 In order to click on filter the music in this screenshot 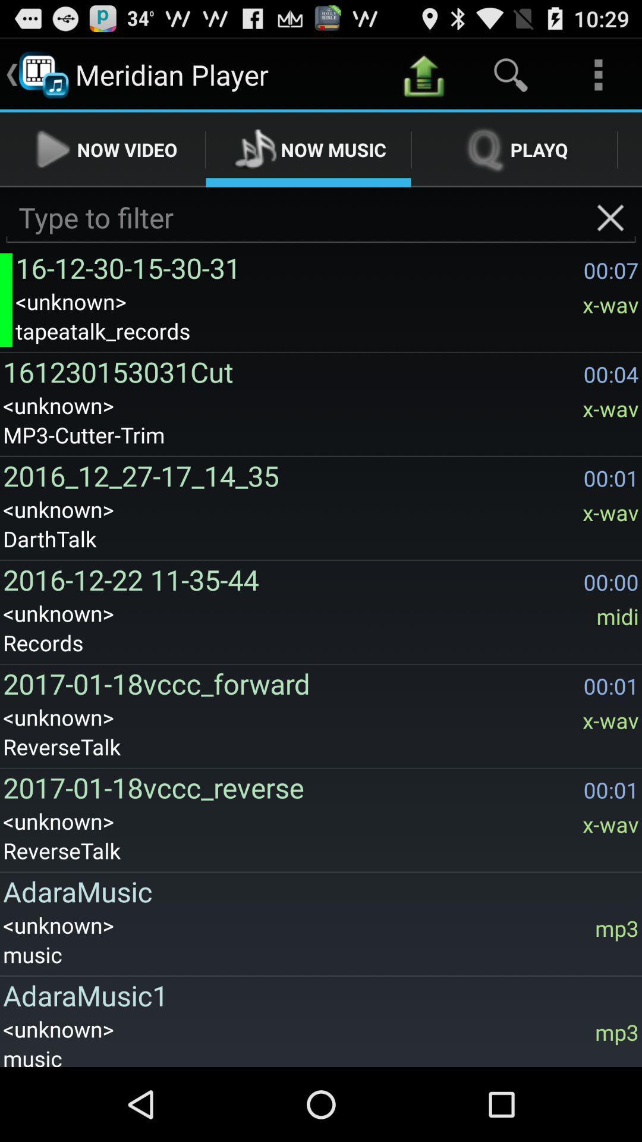, I will do `click(321, 218)`.